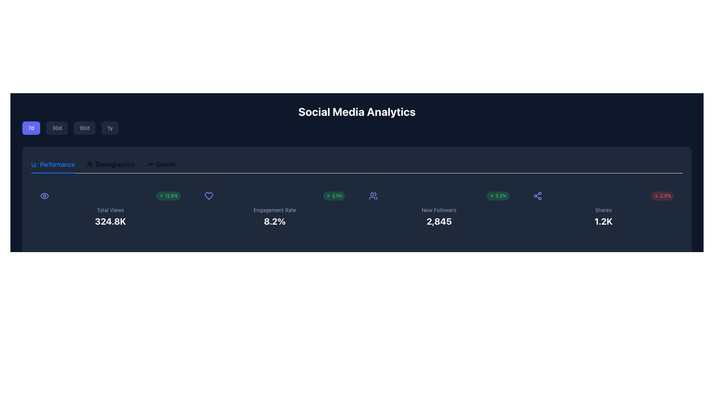 The height and width of the screenshot is (401, 714). I want to click on the visibility metric icon in the social media analytics dashboard, so click(44, 196).